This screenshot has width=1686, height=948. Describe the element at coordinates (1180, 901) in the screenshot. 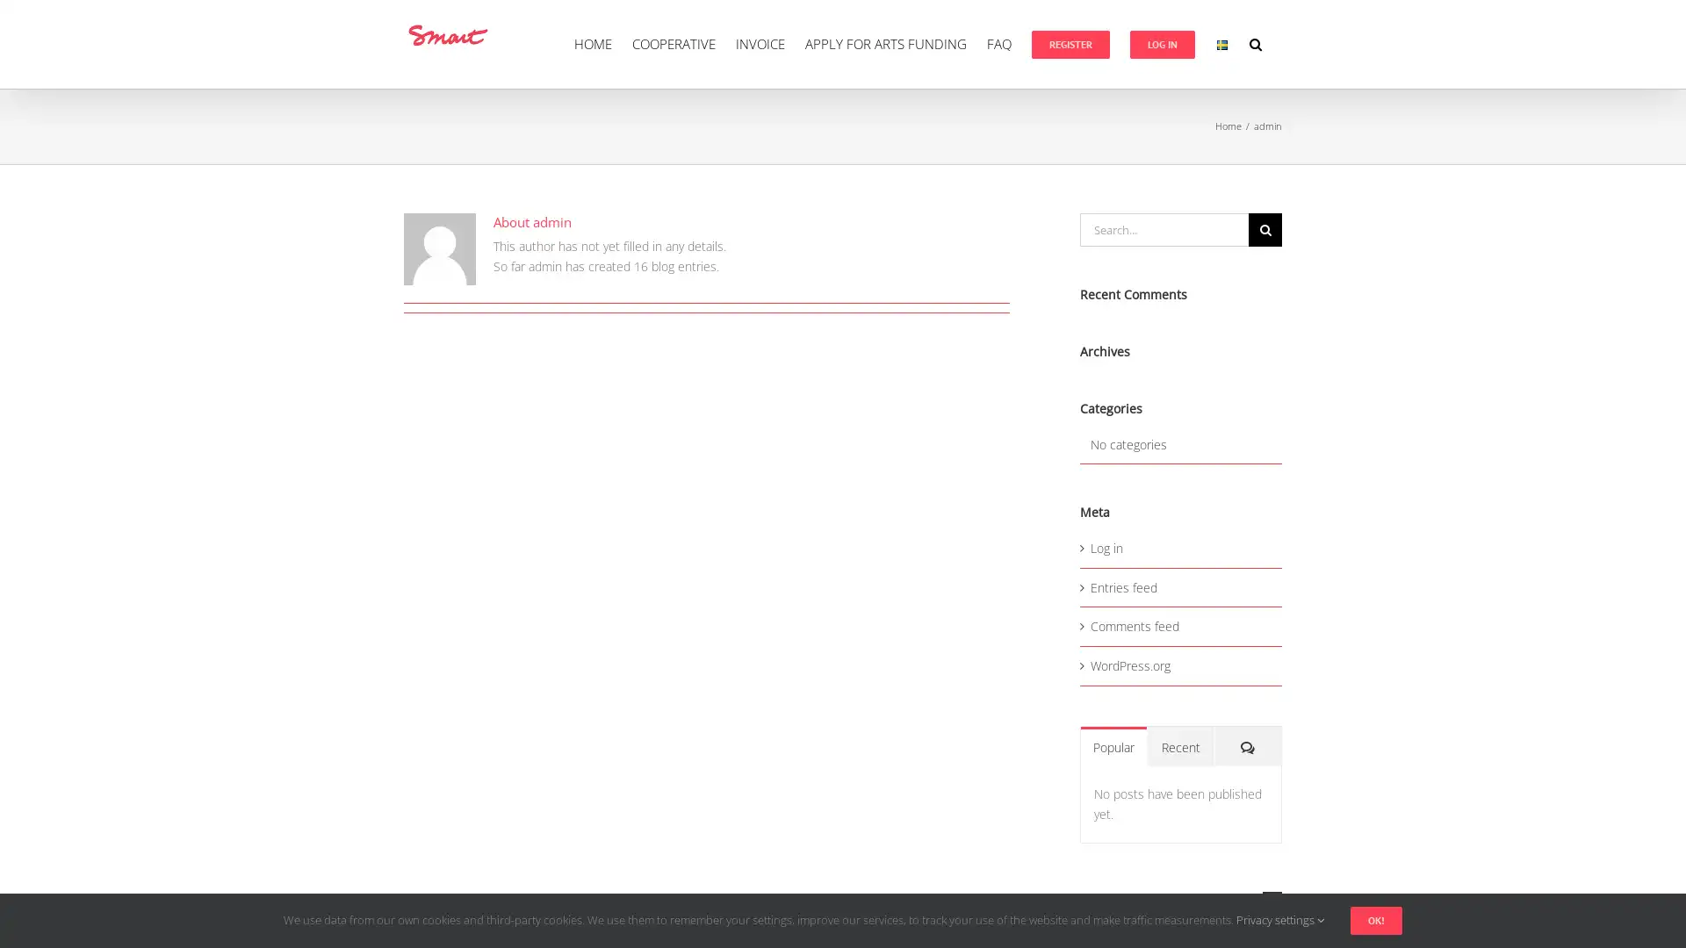

I see `Our Company Mission` at that location.